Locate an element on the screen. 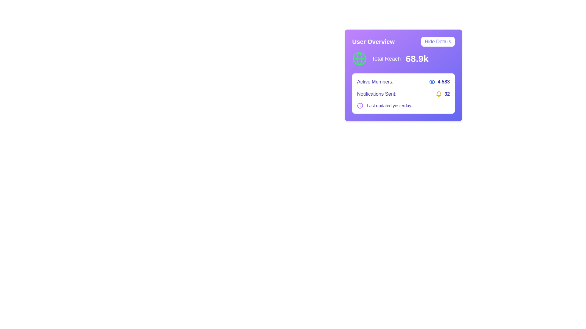 The height and width of the screenshot is (329, 586). the eye-shaped icon that represents the count of active members, located in the 'Active Members:' section of the UI panel is located at coordinates (432, 82).